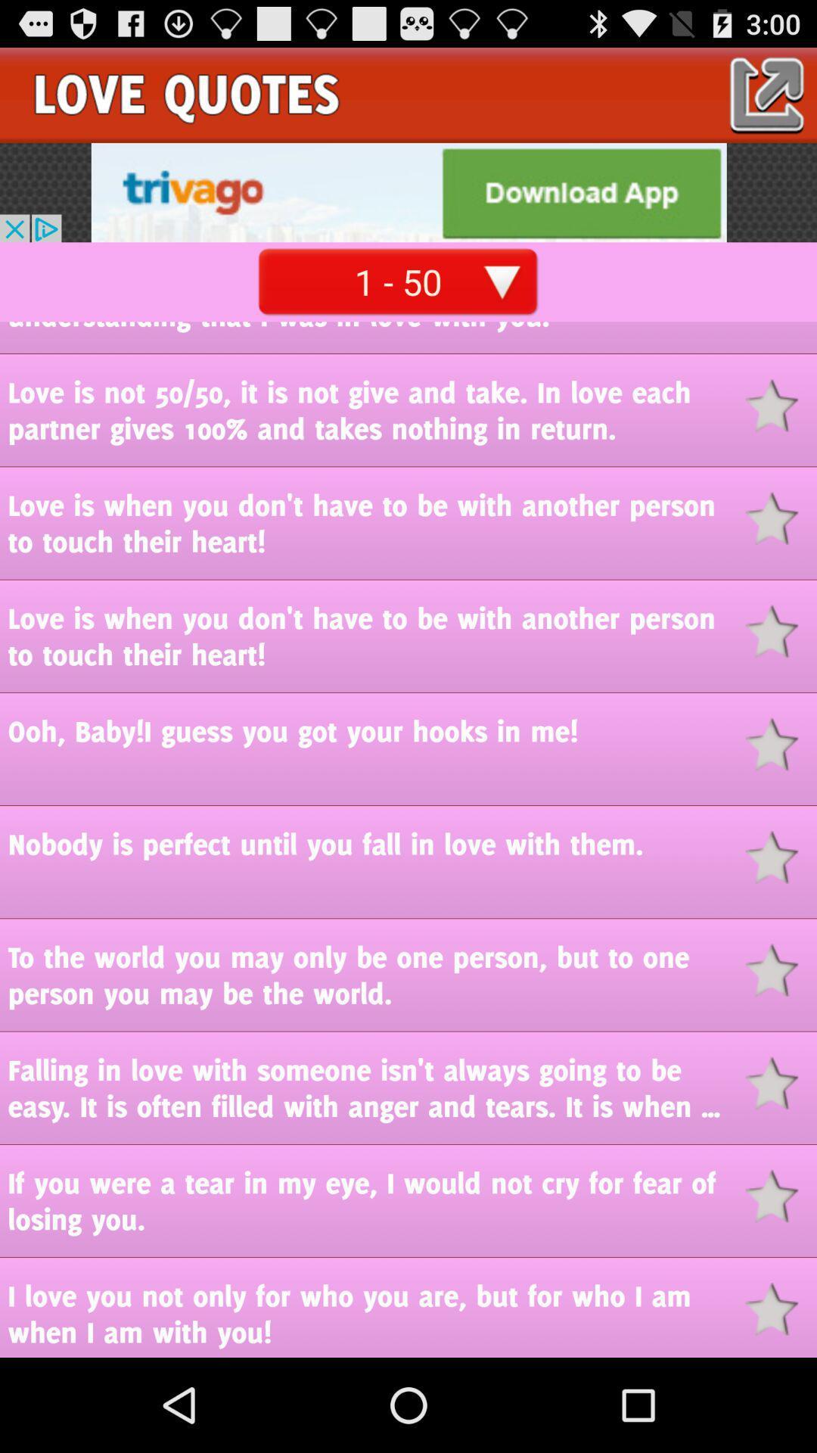 This screenshot has width=817, height=1453. Describe the element at coordinates (781, 406) in the screenshot. I see `the quote` at that location.